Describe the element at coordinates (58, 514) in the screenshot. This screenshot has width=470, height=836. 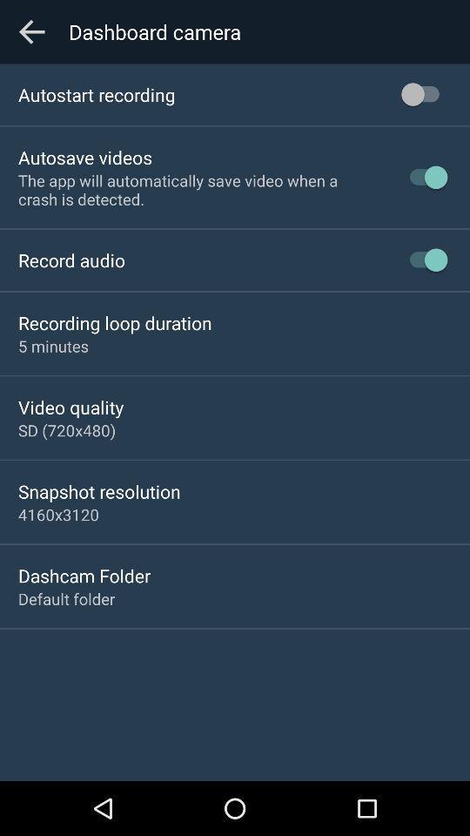
I see `the icon above dashcam folder icon` at that location.